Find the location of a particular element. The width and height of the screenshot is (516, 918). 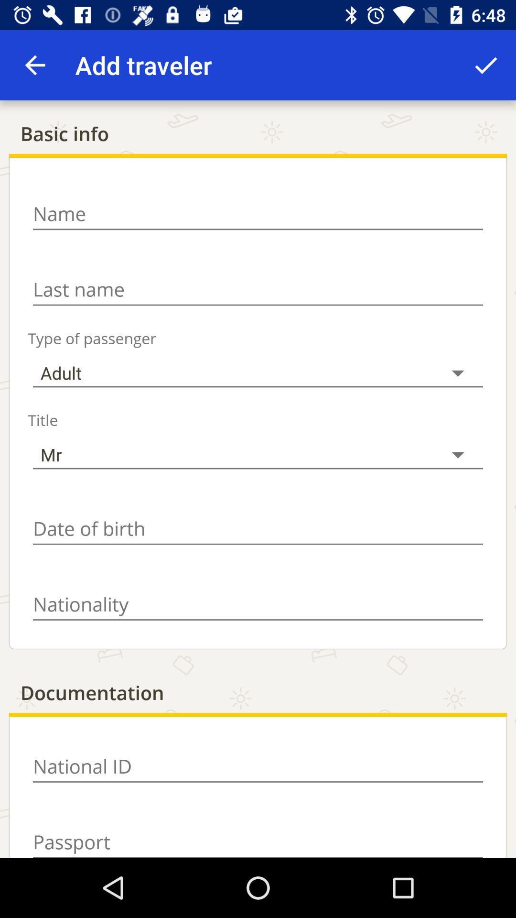

input information is located at coordinates (258, 766).